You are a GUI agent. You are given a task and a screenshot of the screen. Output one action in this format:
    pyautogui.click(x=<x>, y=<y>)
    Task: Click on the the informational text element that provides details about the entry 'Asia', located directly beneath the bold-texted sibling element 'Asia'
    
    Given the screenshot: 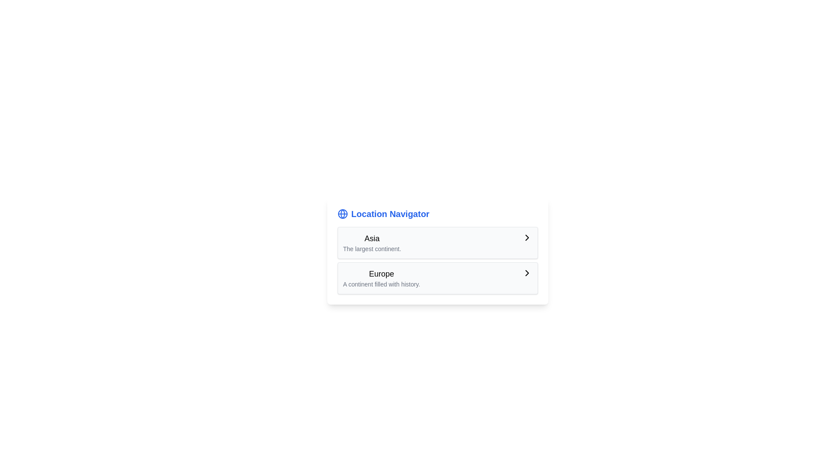 What is the action you would take?
    pyautogui.click(x=372, y=249)
    